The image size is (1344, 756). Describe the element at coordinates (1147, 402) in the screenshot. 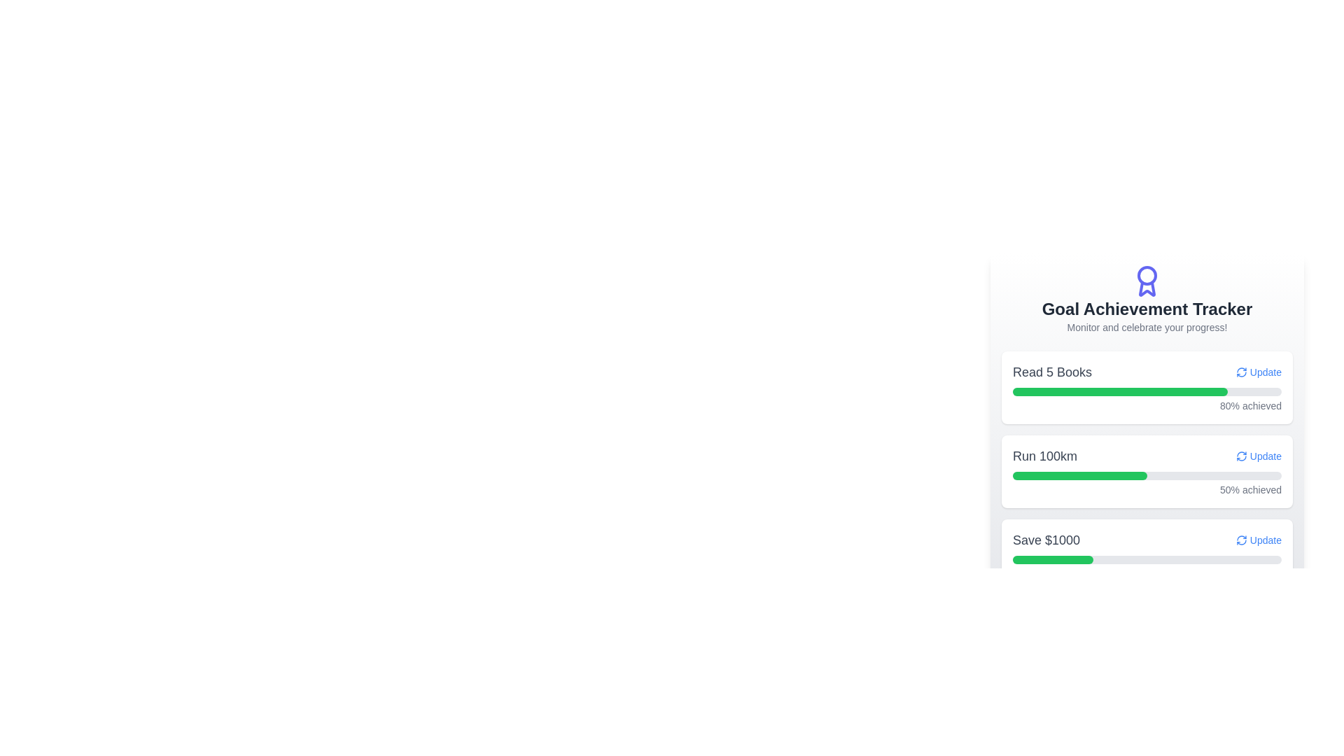

I see `the green and grey horizontally aligned progress bar indicating 80% progress, labeled '80% achieved', located under the 'Read 5 Books' title in the 'Goal Achievement Tracker' section` at that location.